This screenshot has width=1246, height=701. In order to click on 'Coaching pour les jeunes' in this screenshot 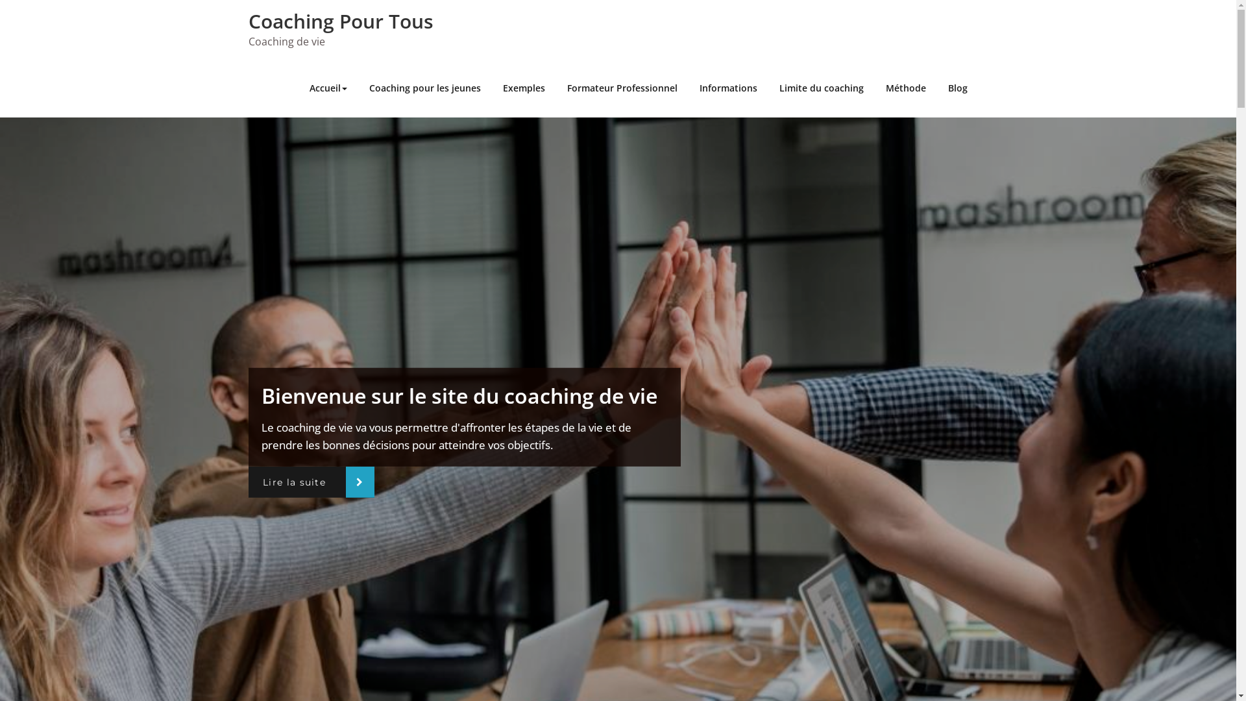, I will do `click(424, 88)`.